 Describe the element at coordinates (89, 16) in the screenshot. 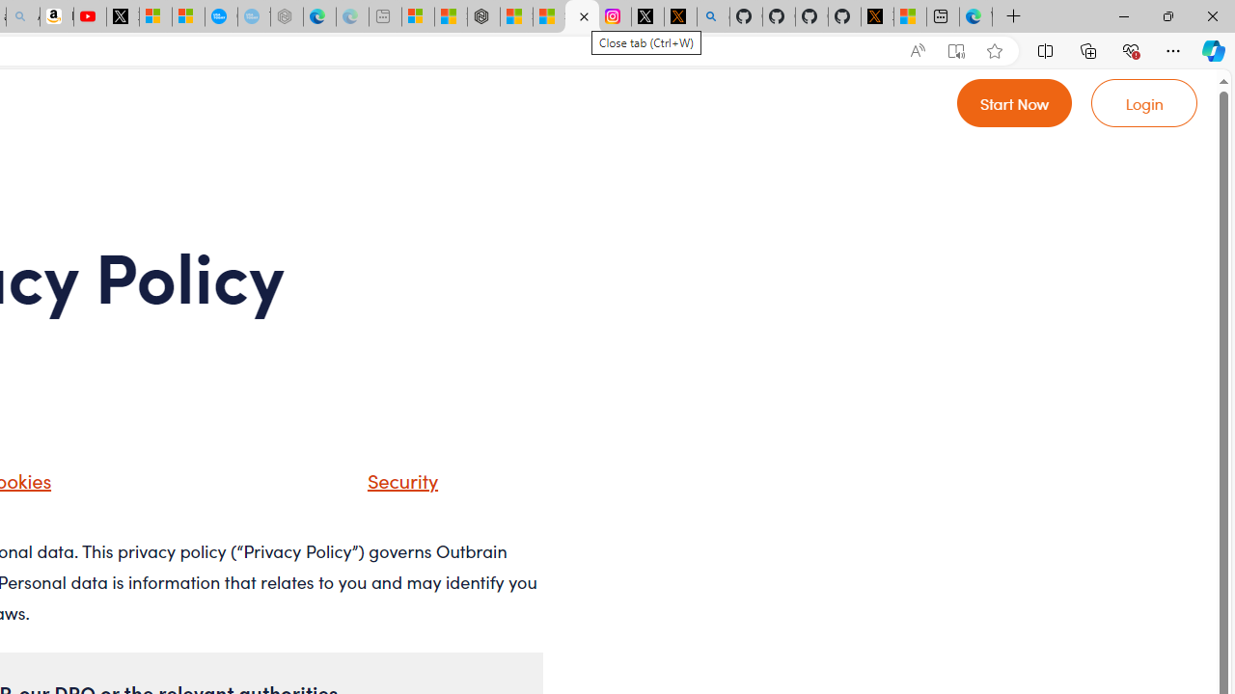

I see `'Day 1: Arriving in Yemen (surreal to be here) - YouTube'` at that location.